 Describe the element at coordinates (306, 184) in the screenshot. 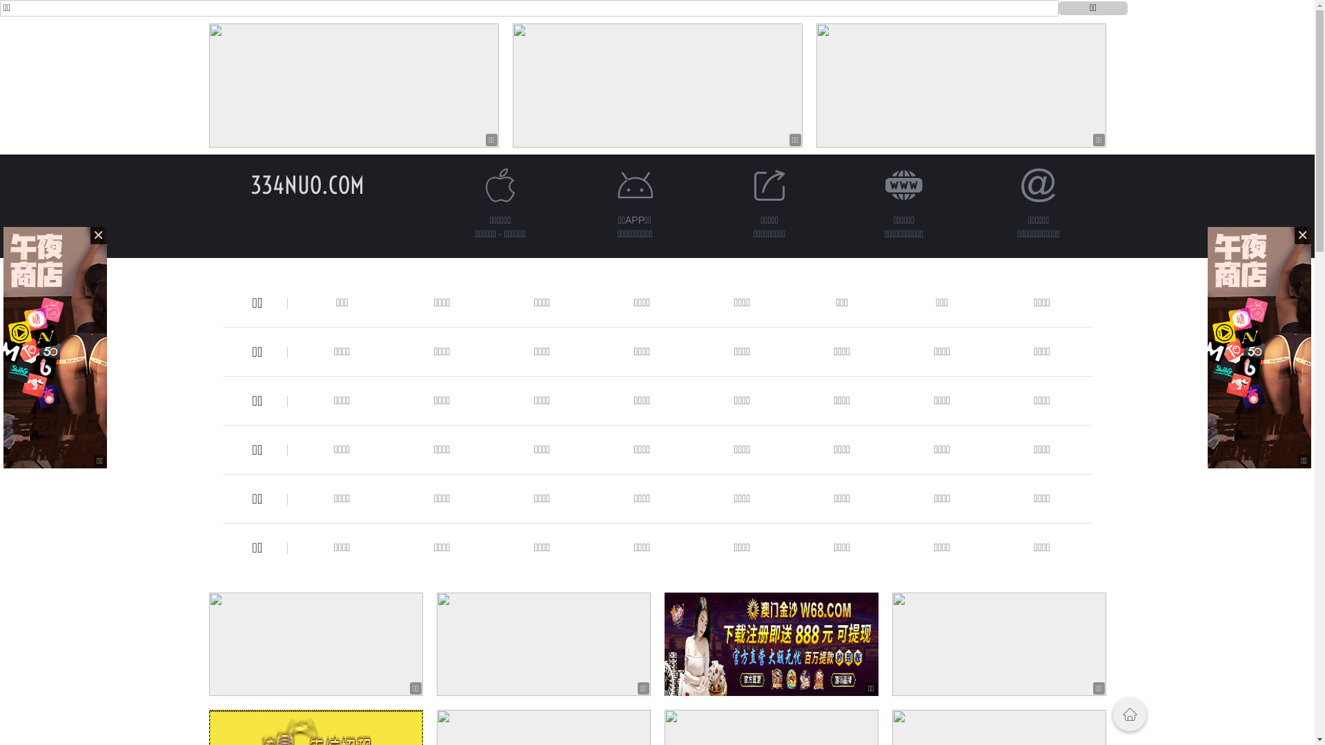

I see `'334NUO.COM'` at that location.